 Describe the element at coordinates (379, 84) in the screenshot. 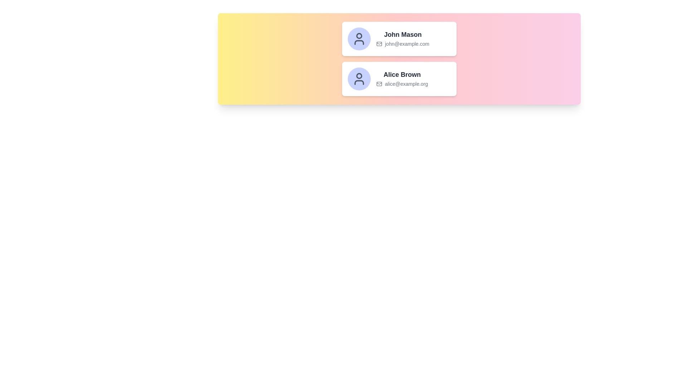

I see `the email icon located to the left of the email address 'alice@example.org' in the second contact card in the lower section of the panel` at that location.